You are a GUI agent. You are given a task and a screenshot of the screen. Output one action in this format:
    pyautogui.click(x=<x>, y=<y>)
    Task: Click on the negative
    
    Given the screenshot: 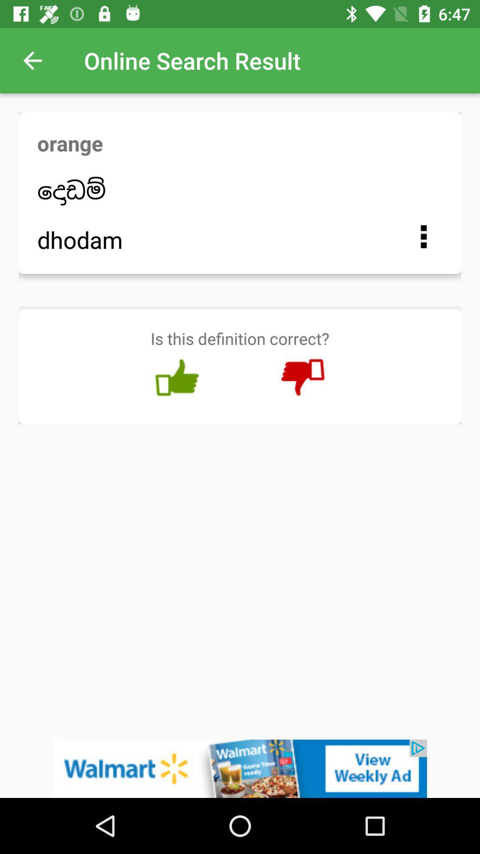 What is the action you would take?
    pyautogui.click(x=302, y=378)
    